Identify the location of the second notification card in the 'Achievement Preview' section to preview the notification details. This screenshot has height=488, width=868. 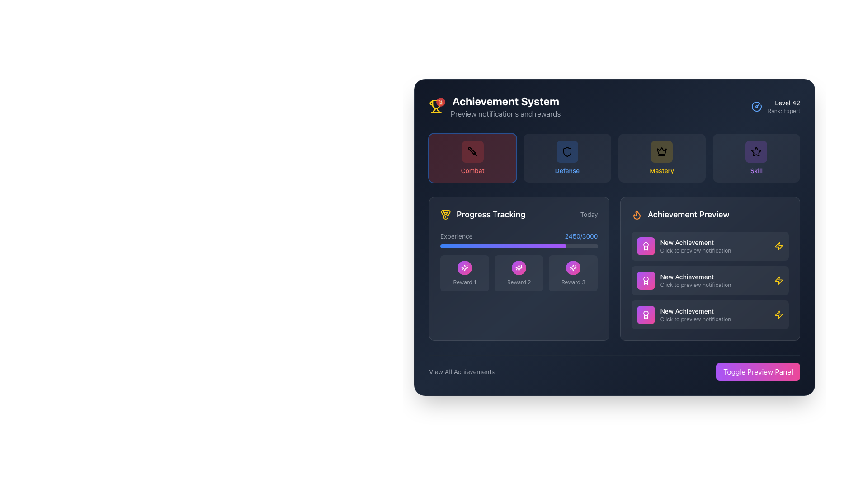
(709, 280).